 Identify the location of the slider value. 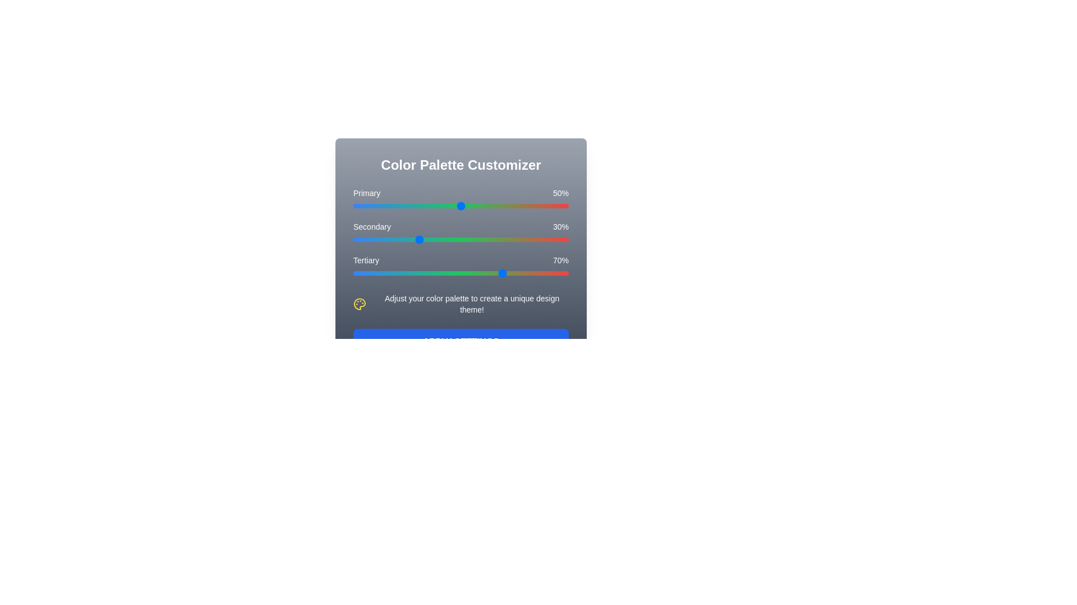
(390, 239).